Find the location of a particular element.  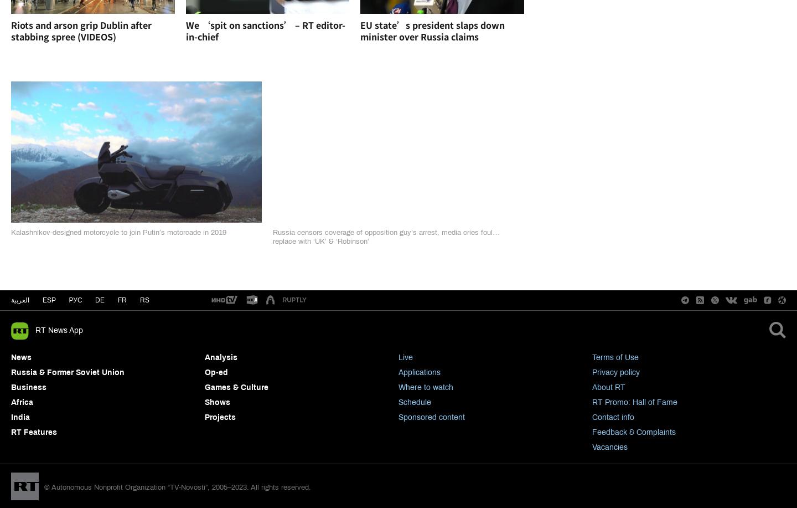

'© Autonomous Nonprofit Organization “TV-Novosti”, 2005–2023. All rights reserved.' is located at coordinates (177, 487).